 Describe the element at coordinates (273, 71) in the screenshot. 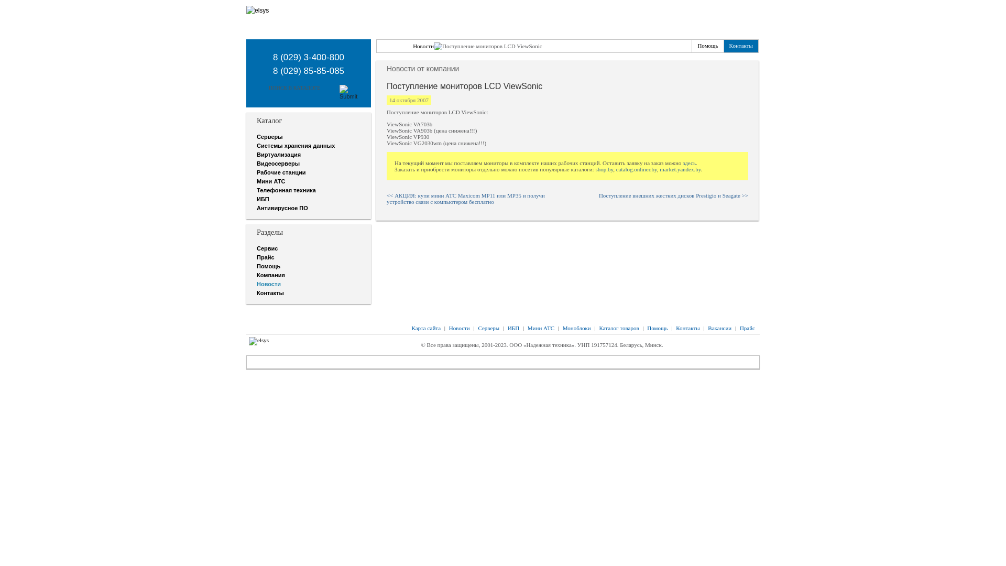

I see `'8 (029) 85-85-085'` at that location.